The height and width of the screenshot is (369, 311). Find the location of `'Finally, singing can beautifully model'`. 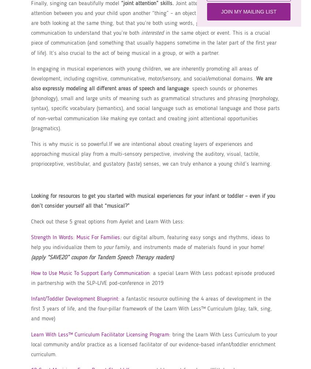

'Finally, singing can beautifully model' is located at coordinates (31, 3).